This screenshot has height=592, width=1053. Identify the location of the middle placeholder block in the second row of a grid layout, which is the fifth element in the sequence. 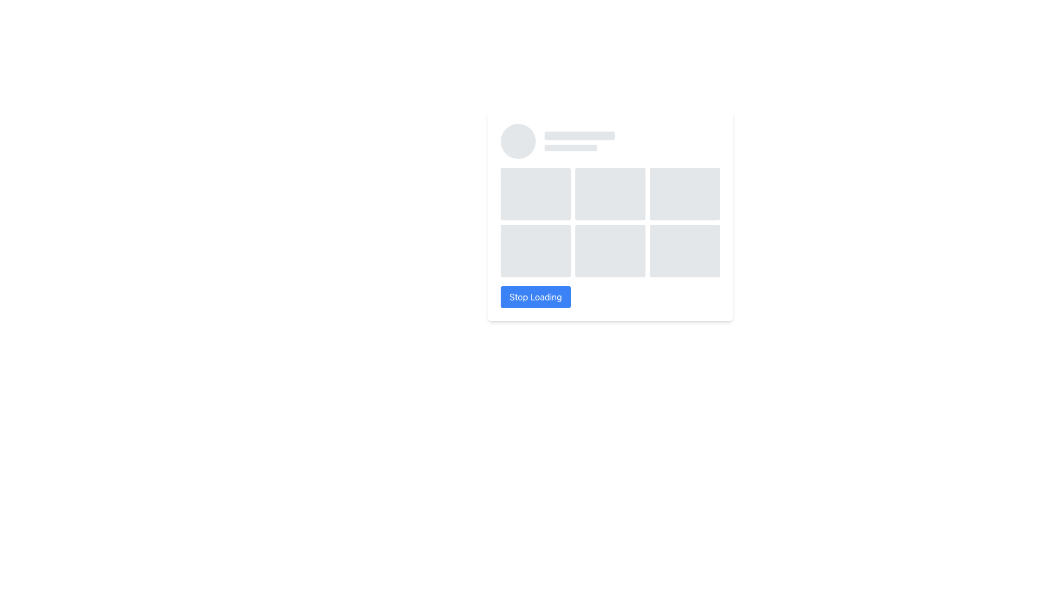
(610, 251).